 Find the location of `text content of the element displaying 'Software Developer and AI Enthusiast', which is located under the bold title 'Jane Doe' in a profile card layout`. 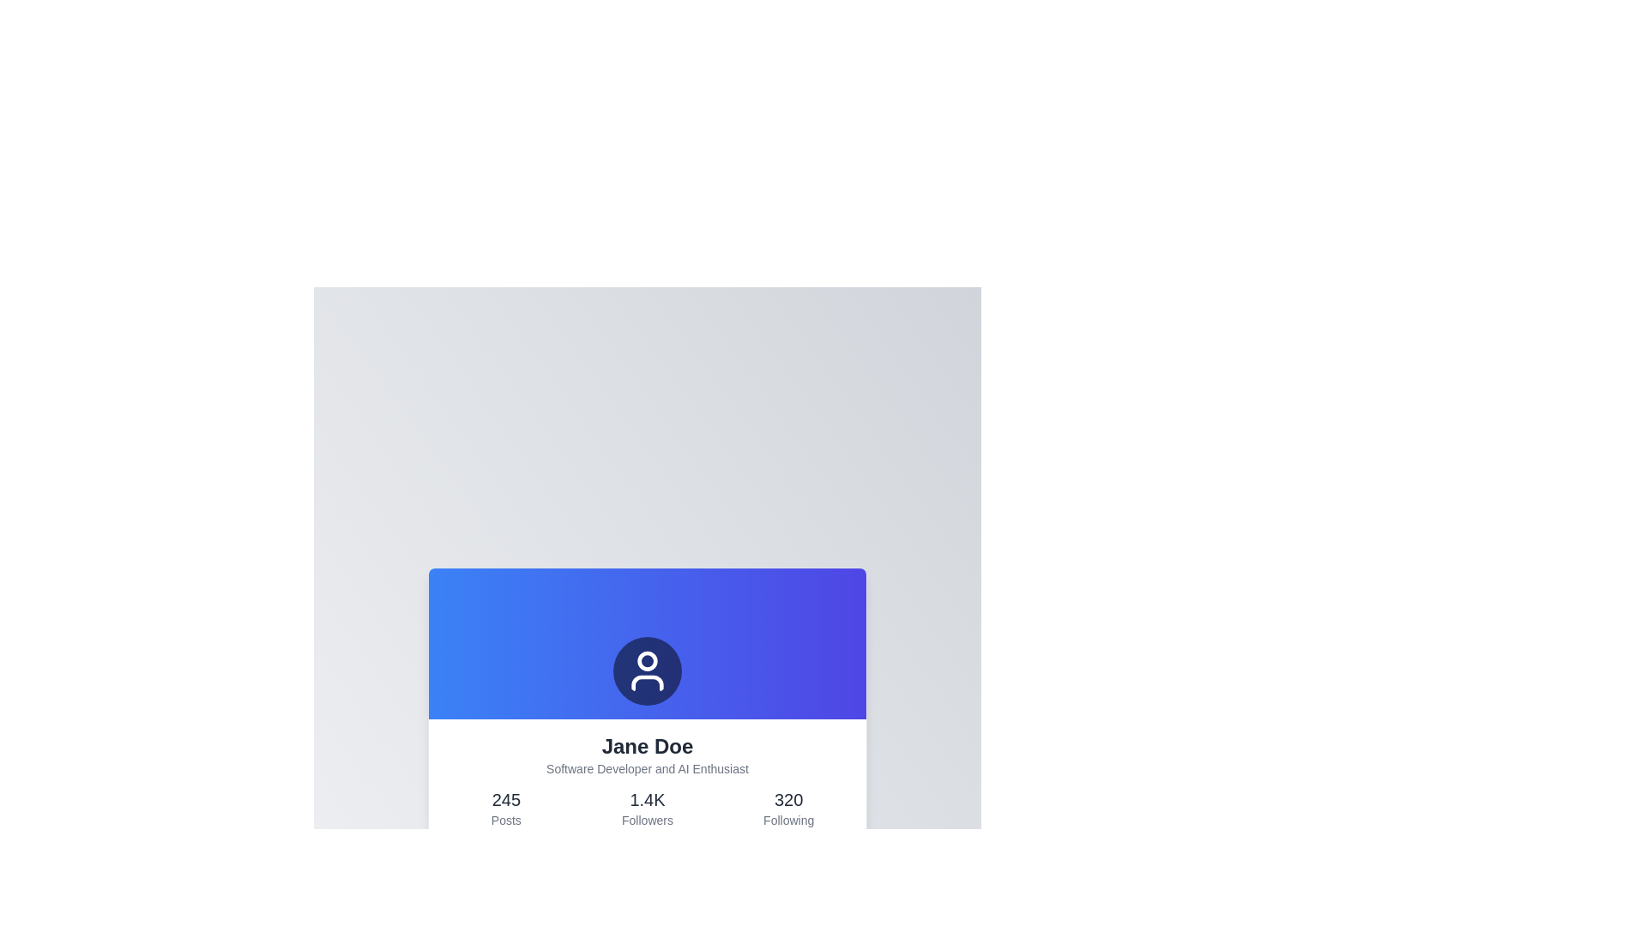

text content of the element displaying 'Software Developer and AI Enthusiast', which is located under the bold title 'Jane Doe' in a profile card layout is located at coordinates (646, 768).